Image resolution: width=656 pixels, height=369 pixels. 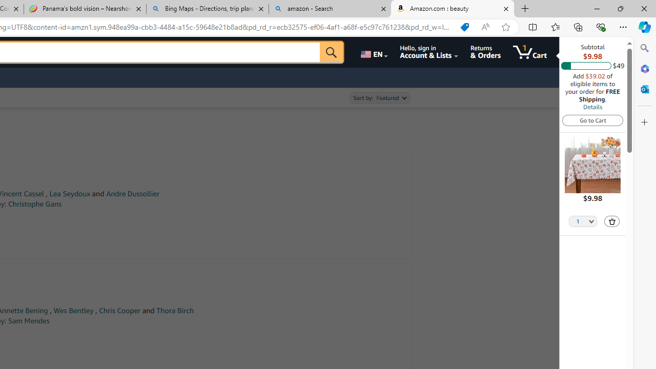 I want to click on 'Choose a language for shopping.', so click(x=373, y=52).